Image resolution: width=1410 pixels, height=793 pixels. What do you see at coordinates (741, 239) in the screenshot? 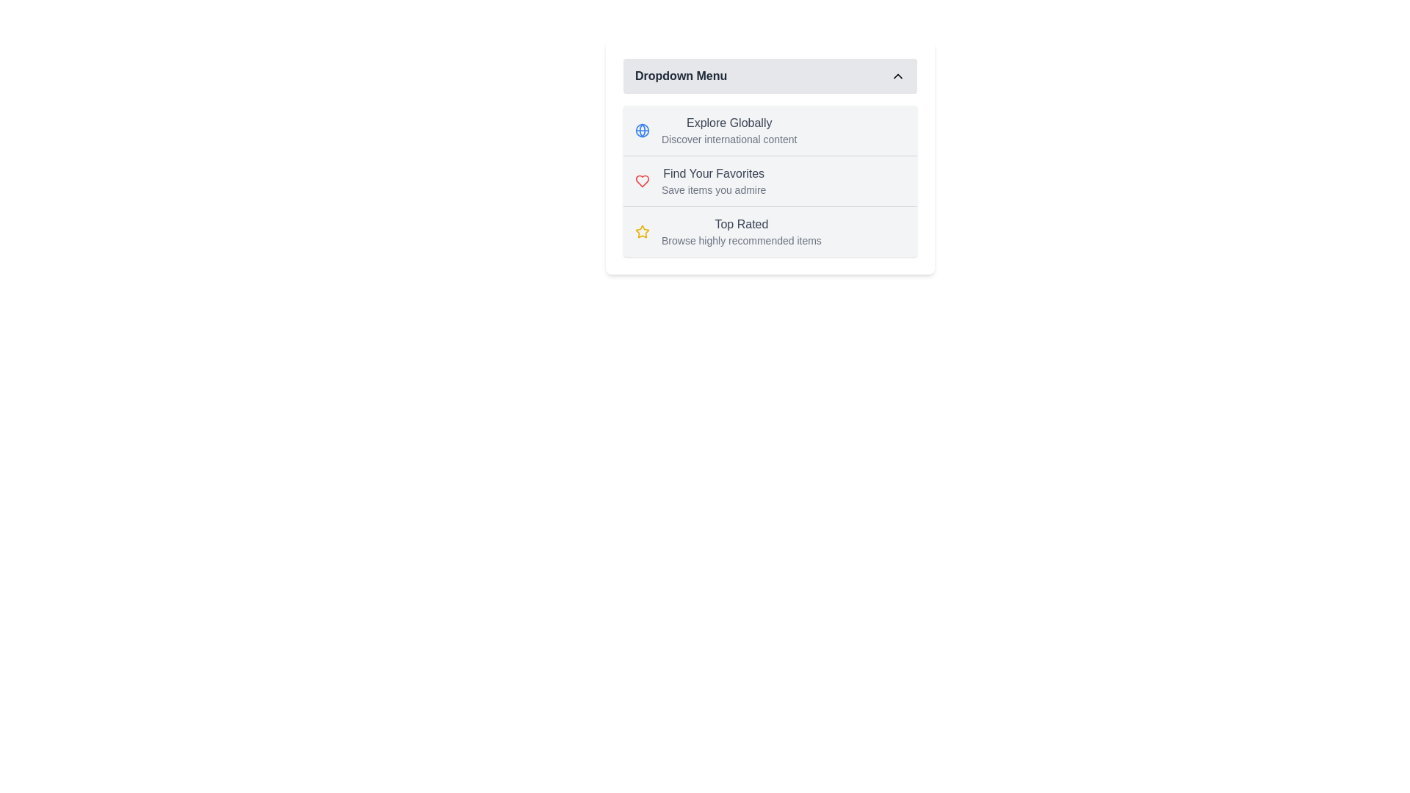
I see `the text element displaying 'Browse highly recommended items', which is styled in a small gray font and positioned directly below the 'Top Rated' text in the dropdown menu layout` at bounding box center [741, 239].